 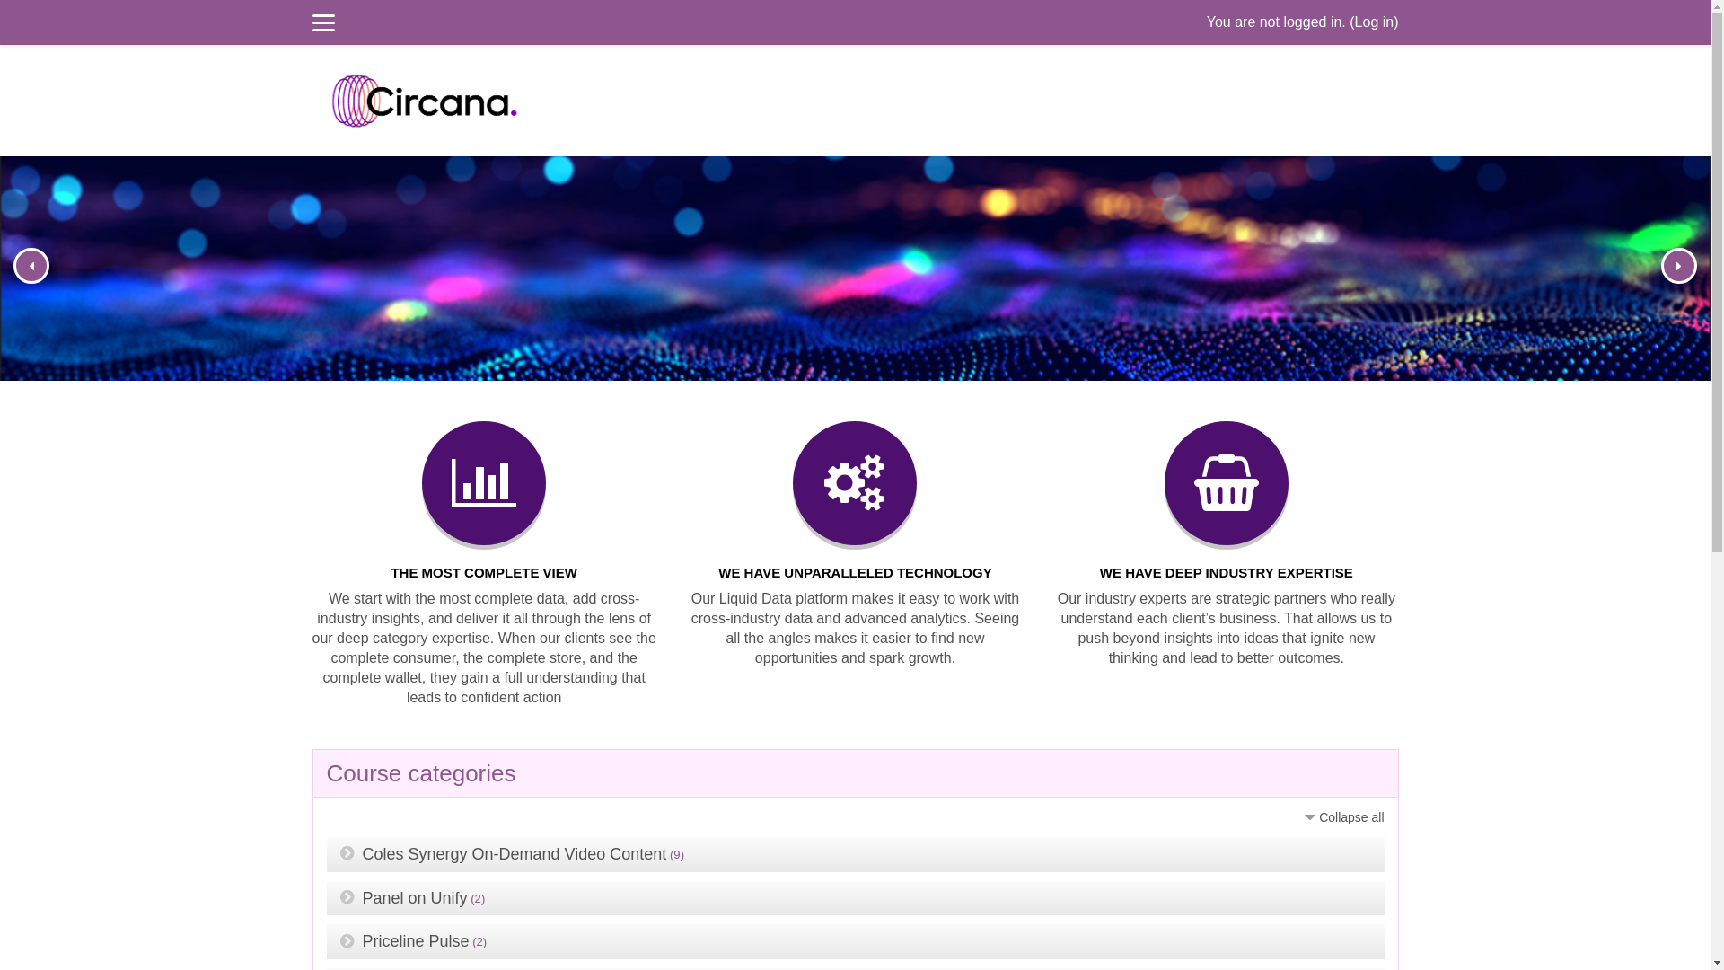 I want to click on 'Coles Synergy On-Demand Video Content', so click(x=514, y=853).